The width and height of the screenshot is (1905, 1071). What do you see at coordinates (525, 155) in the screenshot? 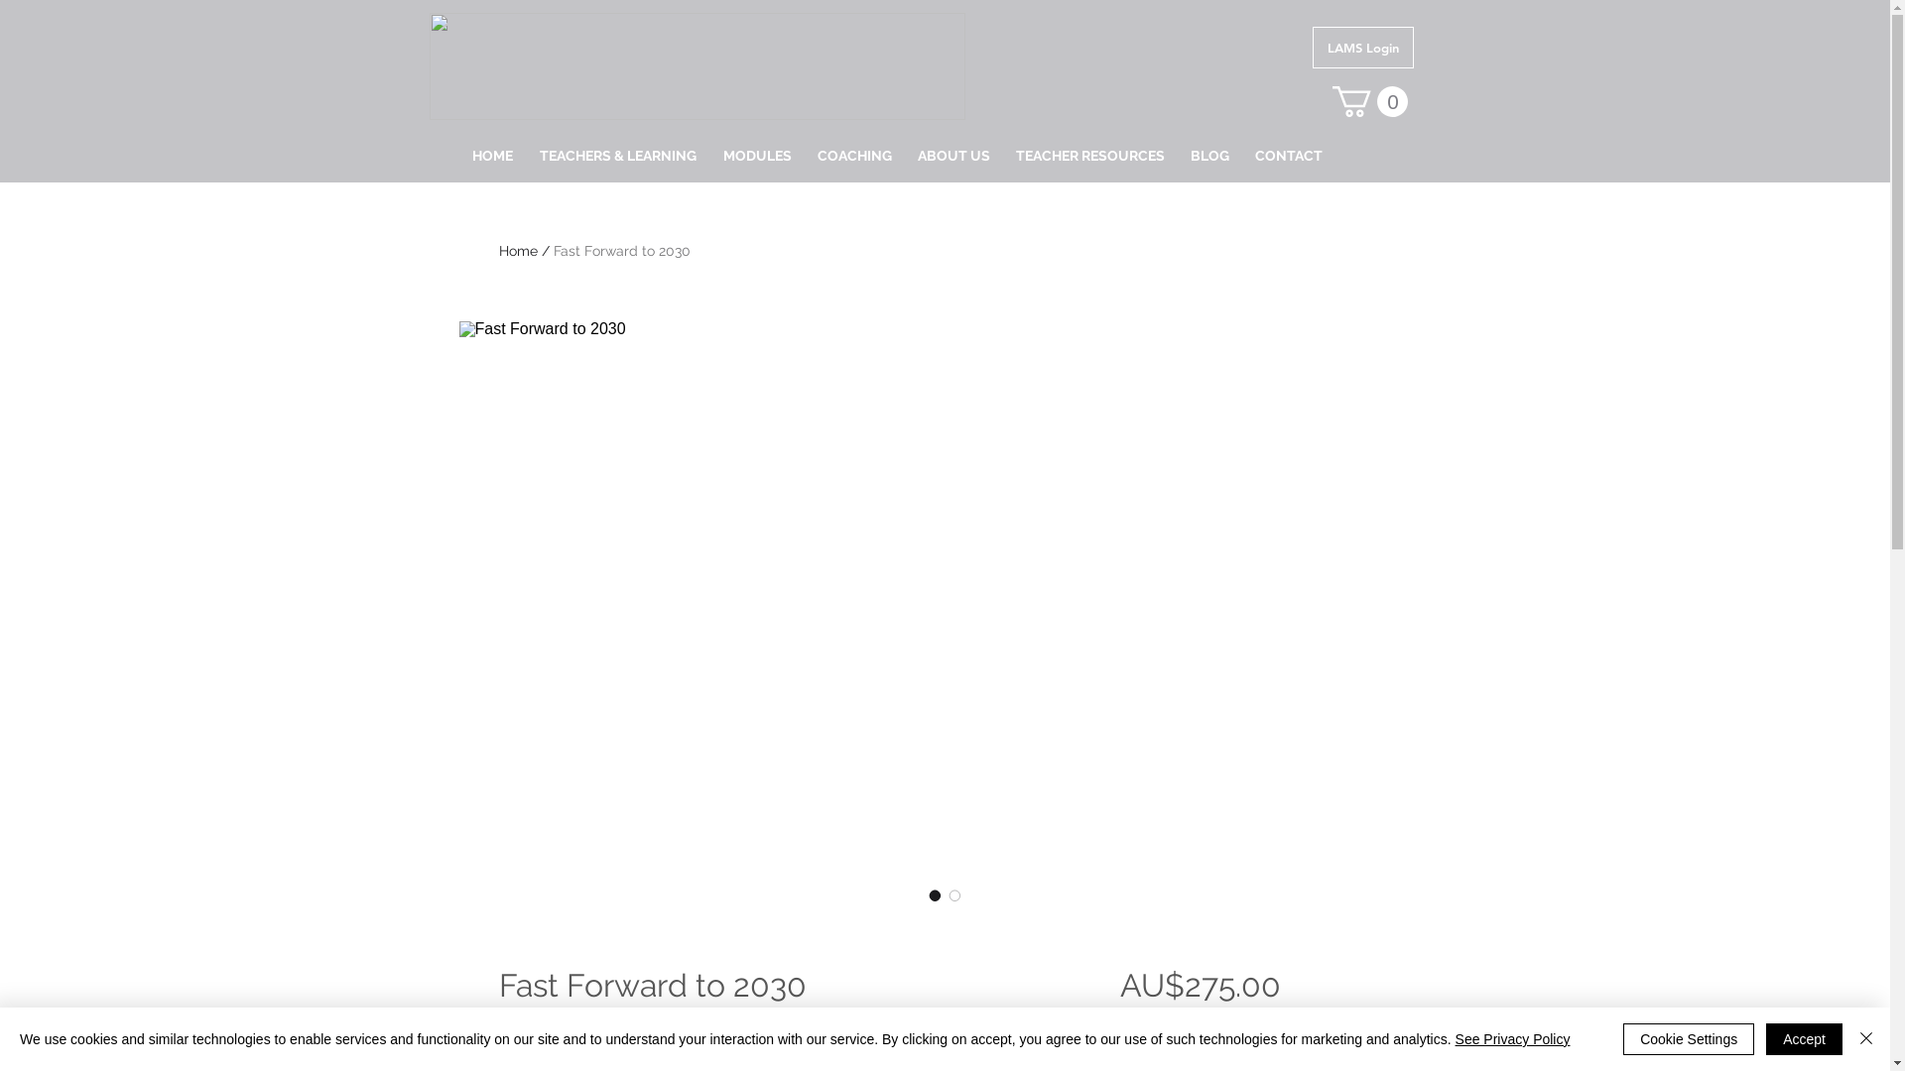
I see `'TEACHERS & LEARNING'` at bounding box center [525, 155].